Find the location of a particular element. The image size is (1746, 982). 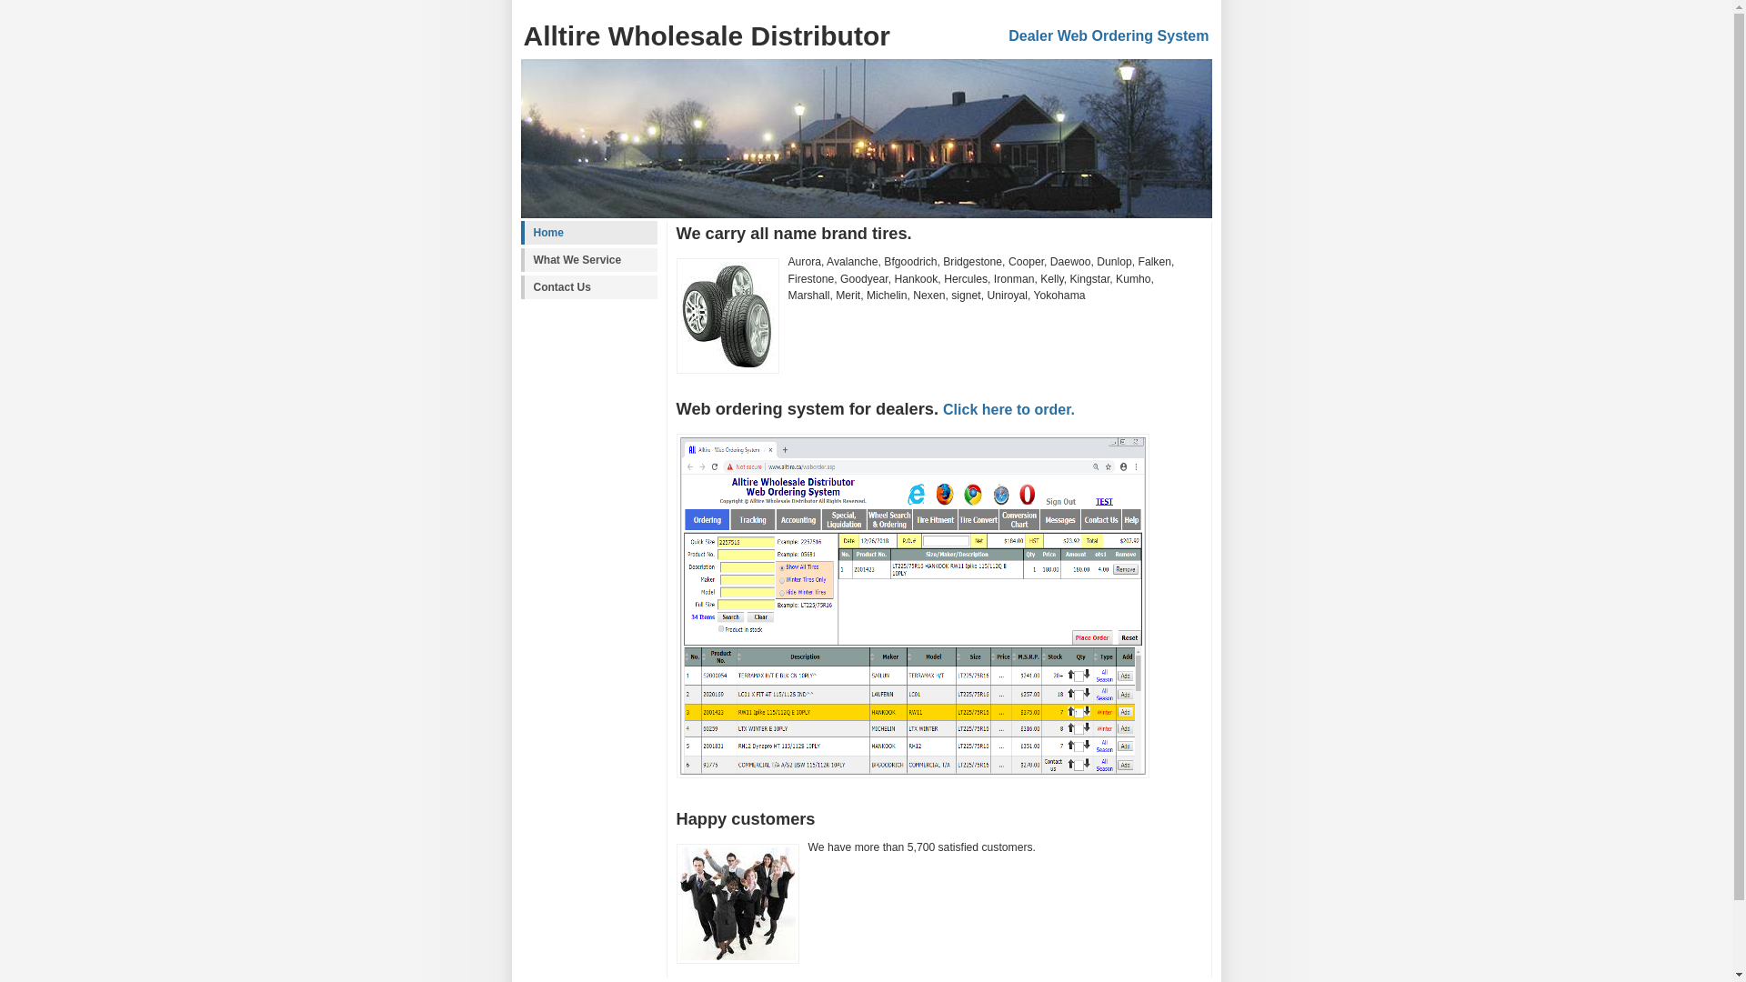

'Contact Us' is located at coordinates (588, 286).